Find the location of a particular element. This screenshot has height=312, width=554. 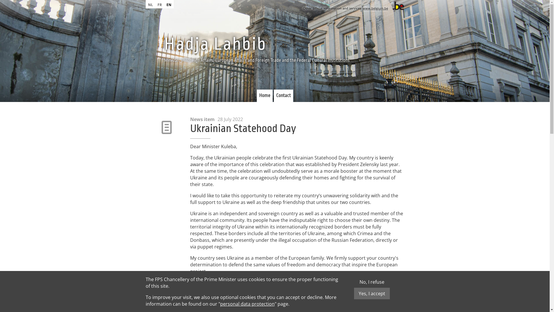

'NL' is located at coordinates (150, 4).